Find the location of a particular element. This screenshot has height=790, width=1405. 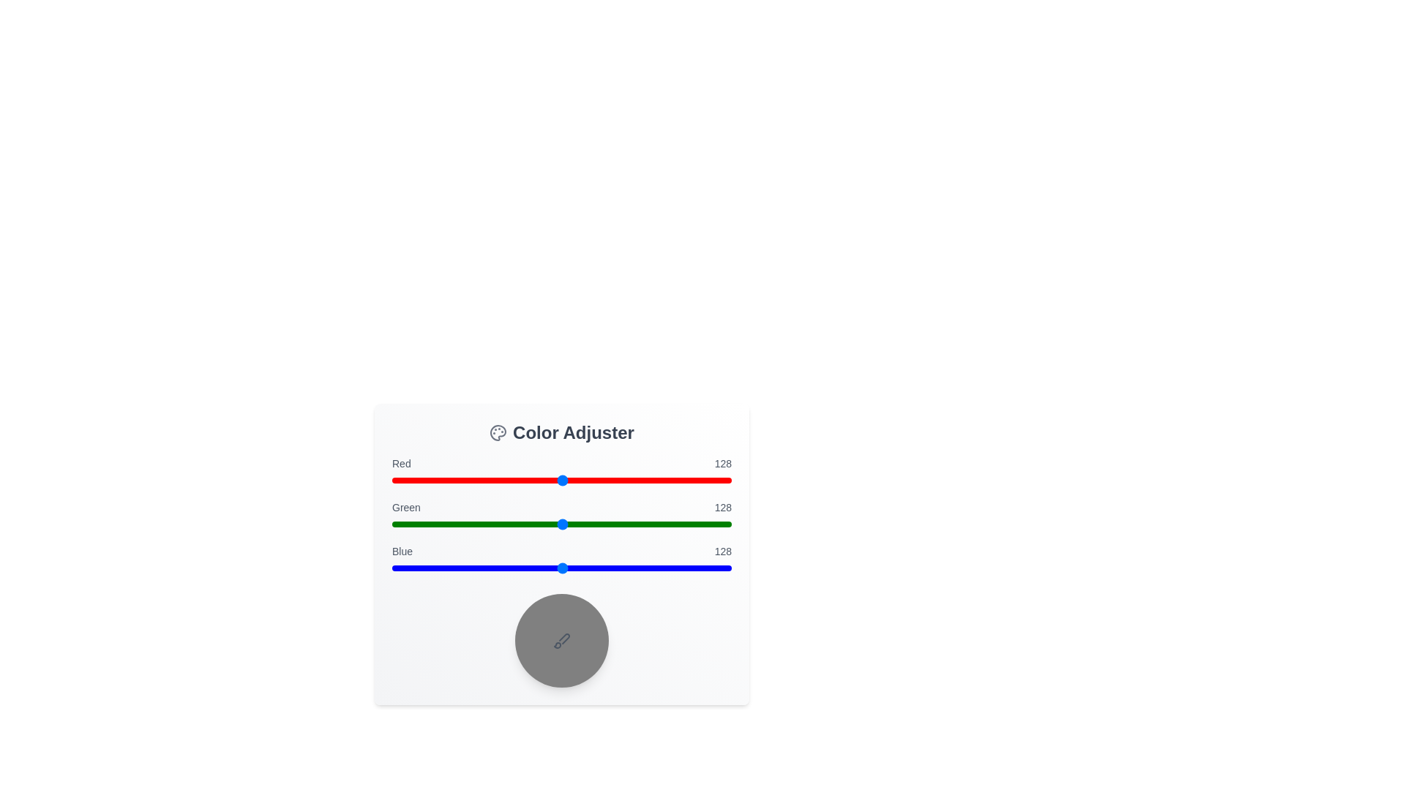

the red slider to the value 106 is located at coordinates (532, 480).